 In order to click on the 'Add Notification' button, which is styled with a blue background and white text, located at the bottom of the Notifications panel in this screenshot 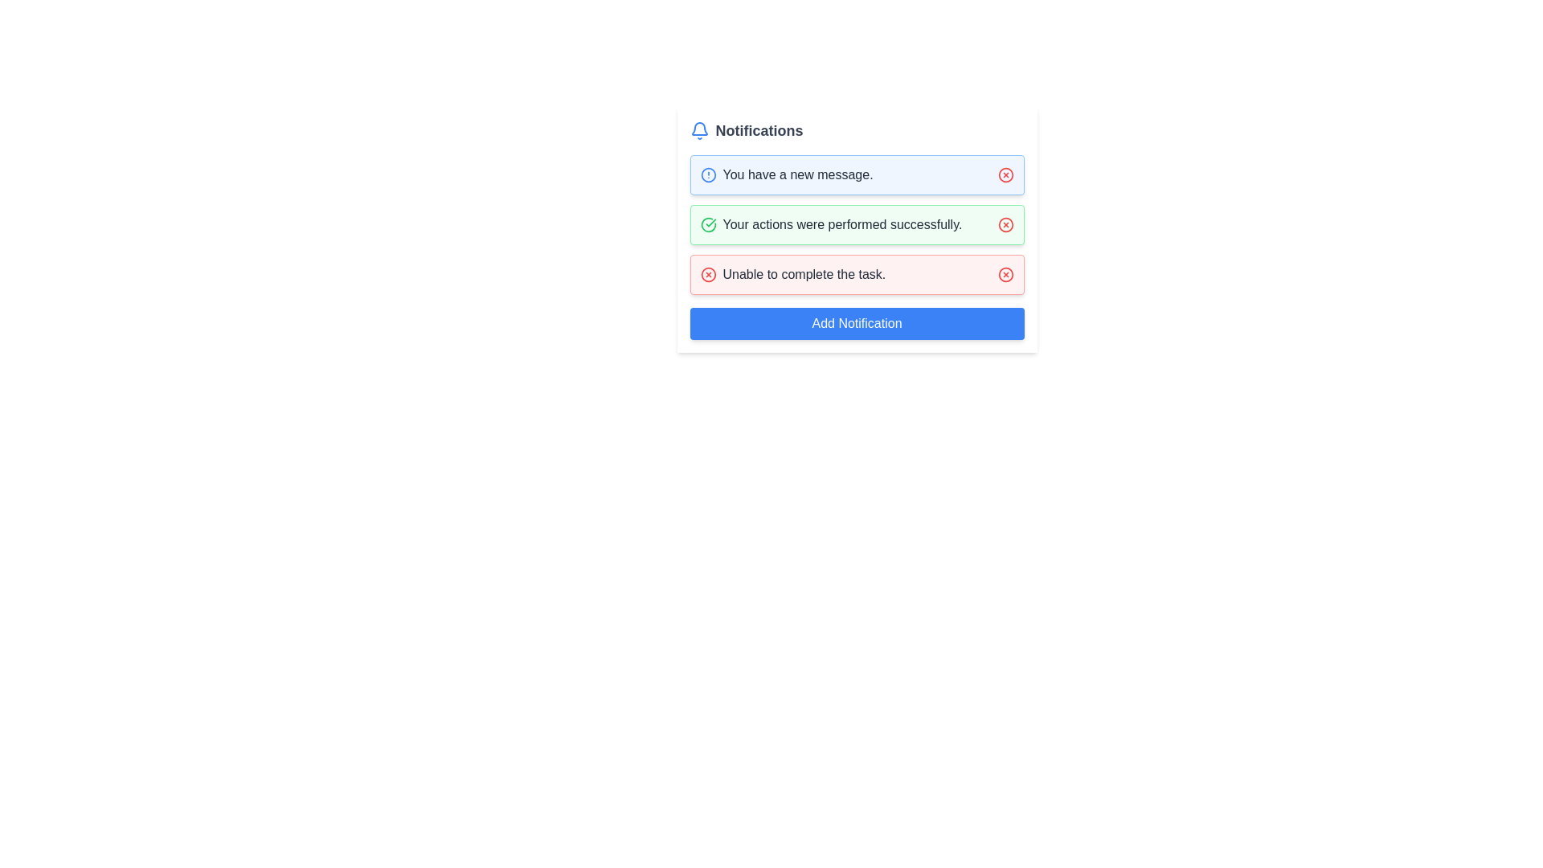, I will do `click(856, 323)`.